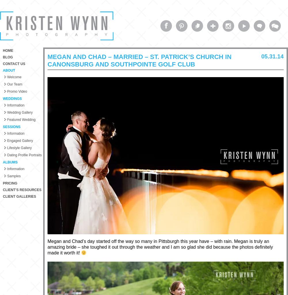 The height and width of the screenshot is (295, 288). Describe the element at coordinates (12, 126) in the screenshot. I see `'Sessions'` at that location.